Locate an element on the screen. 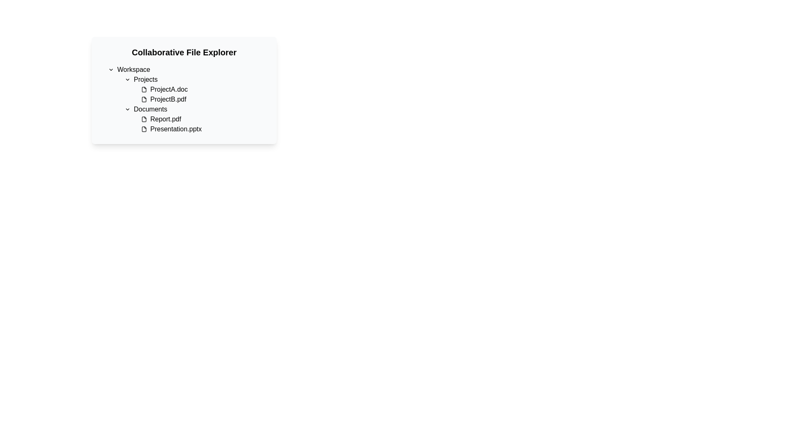  the file icon representing 'ProjectA.doc' located in the 'Projects' section of the file explorer interface, which is the first item under the expanded 'Projects' node is located at coordinates (144, 89).